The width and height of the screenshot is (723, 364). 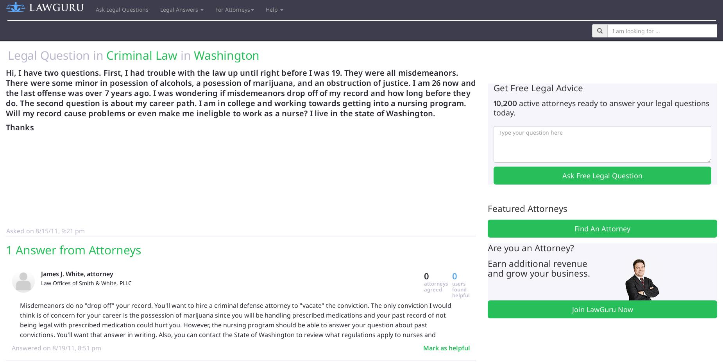 I want to click on 'Legal Answers', so click(x=179, y=9).